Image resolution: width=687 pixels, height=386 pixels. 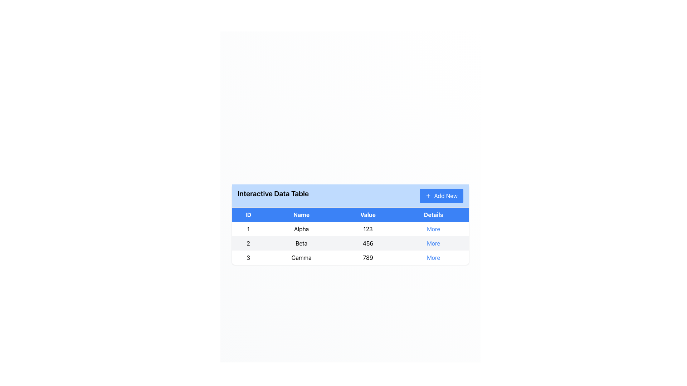 I want to click on the third column header text label in the table that indicates it displays values or numerical data, so click(x=368, y=214).